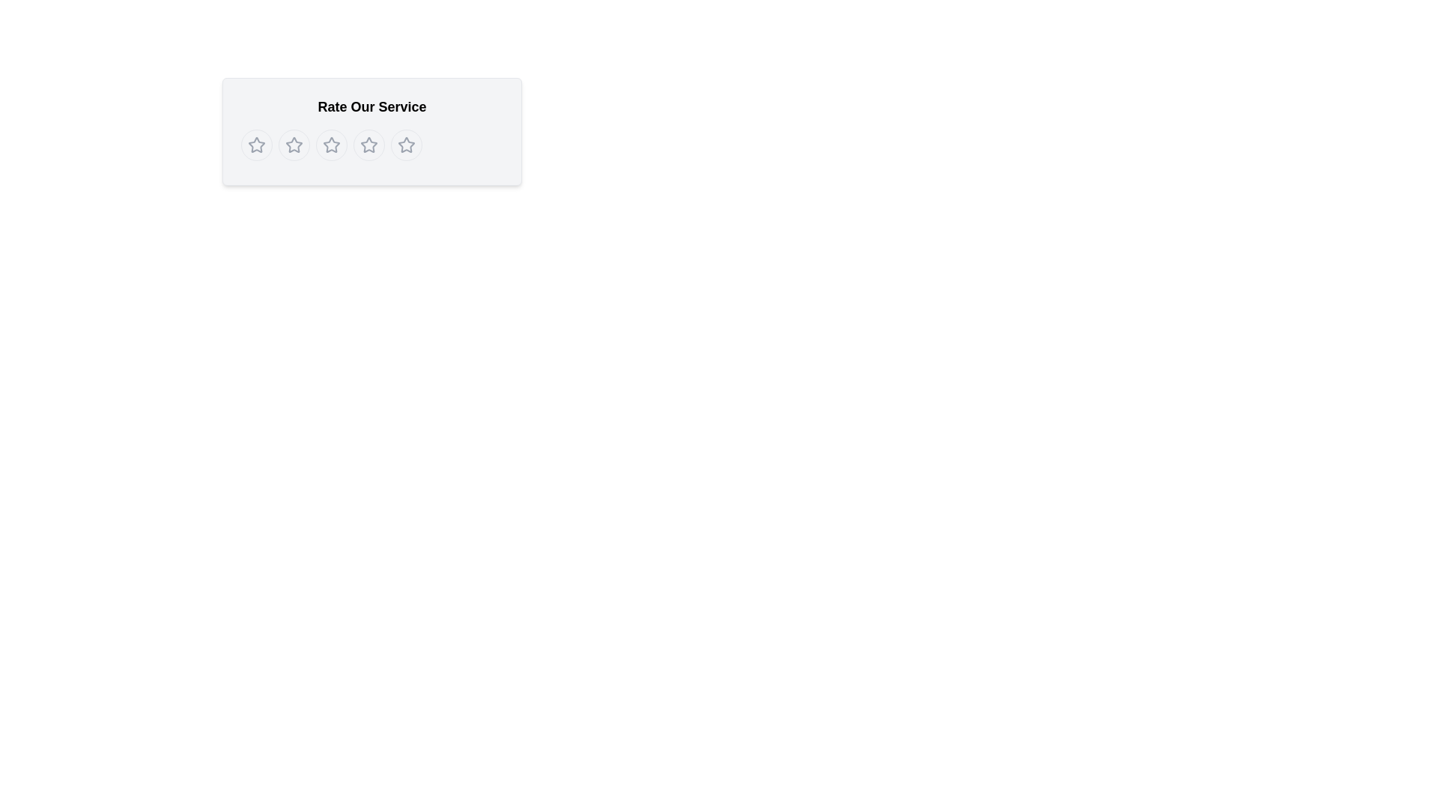  What do you see at coordinates (256, 145) in the screenshot?
I see `the circular button with a gray star icon` at bounding box center [256, 145].